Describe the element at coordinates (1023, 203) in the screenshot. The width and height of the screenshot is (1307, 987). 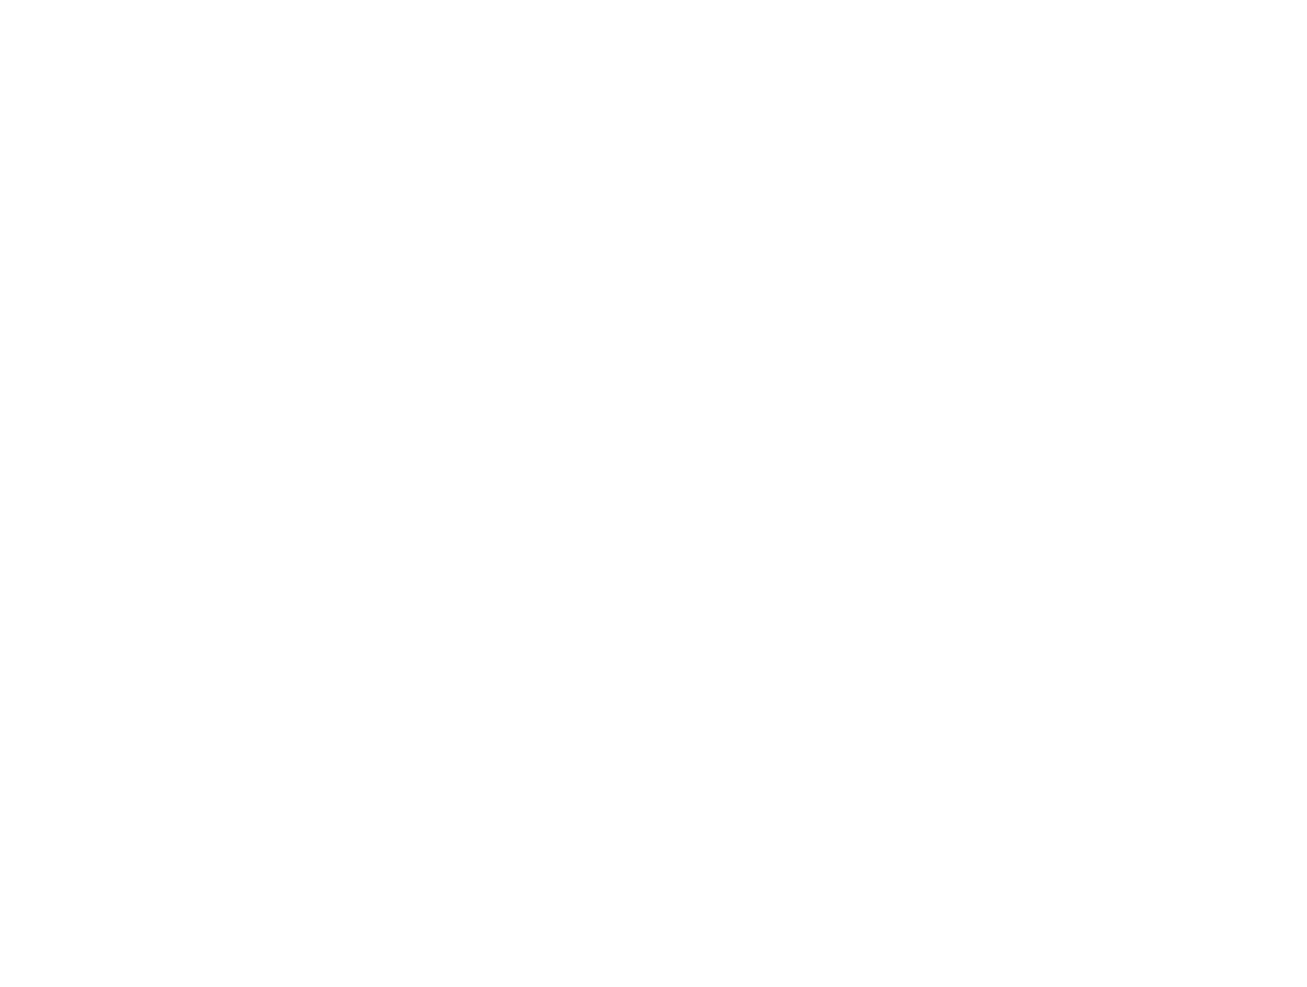
I see `'“The best way to succeed in politics is by having no opinion at all. If you don’t have any opinion, you don’t take the risk of having a wrong opinion.” Banas’ political satire is eye-opening and amusing.'` at that location.